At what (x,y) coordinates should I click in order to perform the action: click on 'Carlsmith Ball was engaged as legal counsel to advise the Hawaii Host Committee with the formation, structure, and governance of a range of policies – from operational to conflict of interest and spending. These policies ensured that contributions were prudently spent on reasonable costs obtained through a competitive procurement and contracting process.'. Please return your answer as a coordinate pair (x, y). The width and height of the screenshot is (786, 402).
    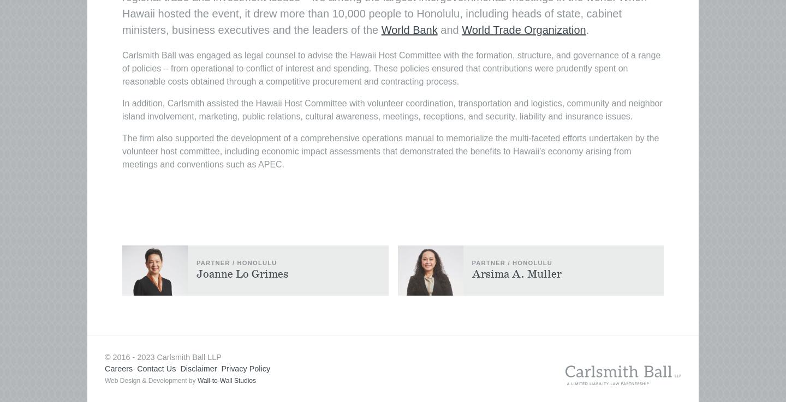
    Looking at the image, I should click on (391, 68).